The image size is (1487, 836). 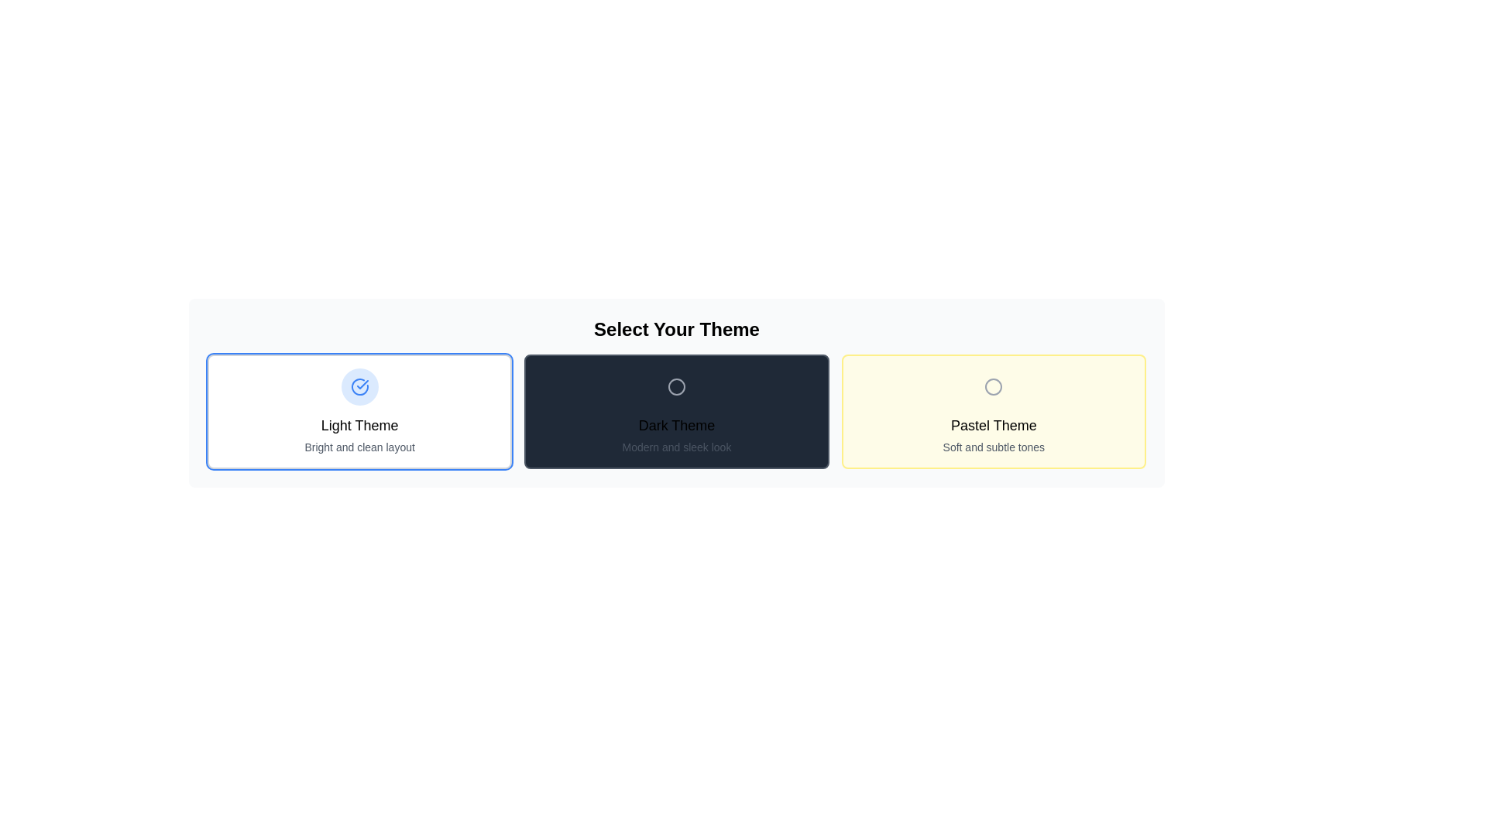 I want to click on the circular icon with a gray color scheme located in the middle of the 'Dark Theme' selection box, so click(x=676, y=386).